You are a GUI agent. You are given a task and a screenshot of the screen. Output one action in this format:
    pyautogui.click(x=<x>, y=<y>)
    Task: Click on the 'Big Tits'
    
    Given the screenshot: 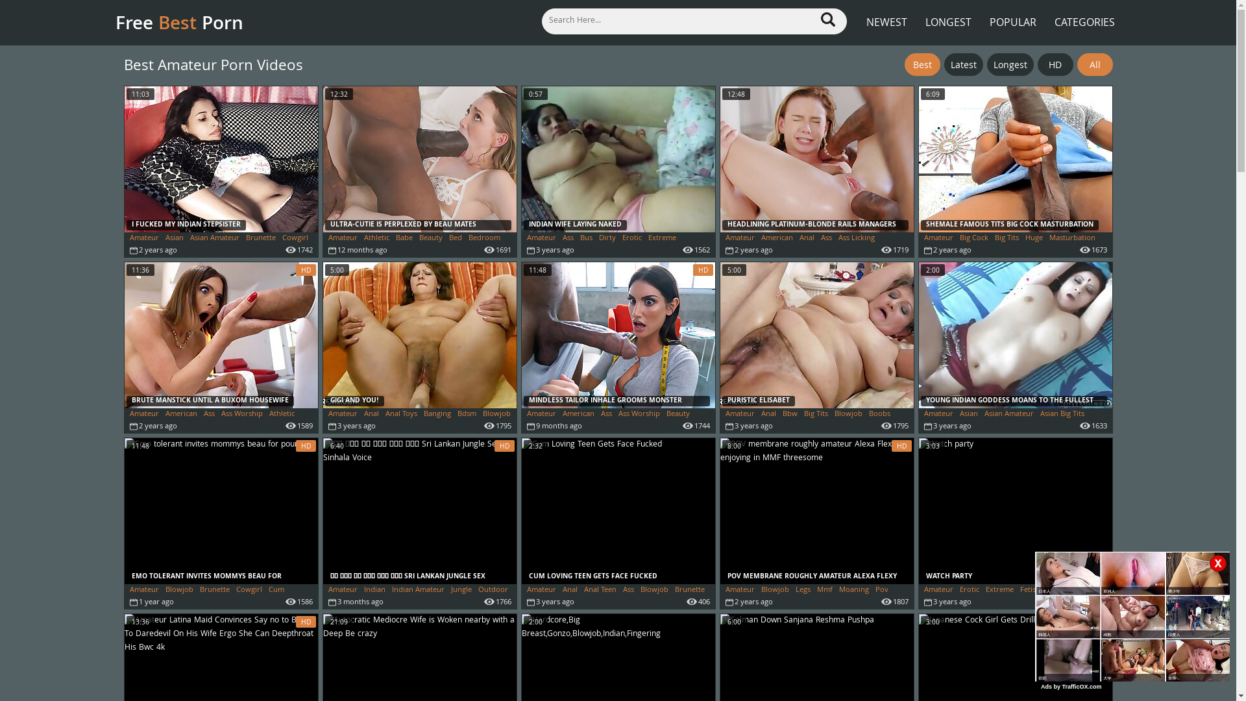 What is the action you would take?
    pyautogui.click(x=803, y=414)
    